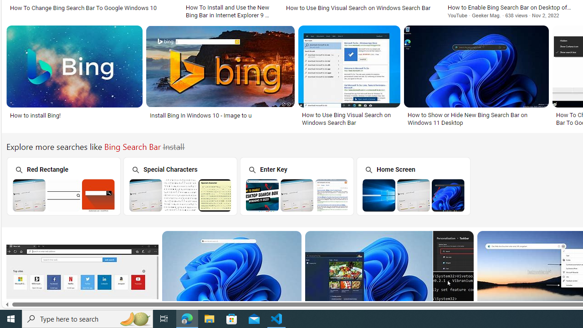 The height and width of the screenshot is (328, 583). I want to click on 'Red Rectangle Bing Search Bar Red Rectangle', so click(63, 185).